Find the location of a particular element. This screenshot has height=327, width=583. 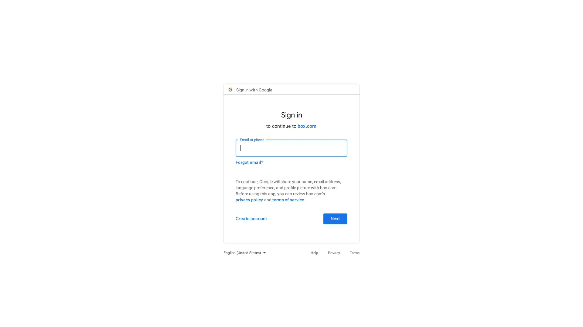

box.com is located at coordinates (307, 126).